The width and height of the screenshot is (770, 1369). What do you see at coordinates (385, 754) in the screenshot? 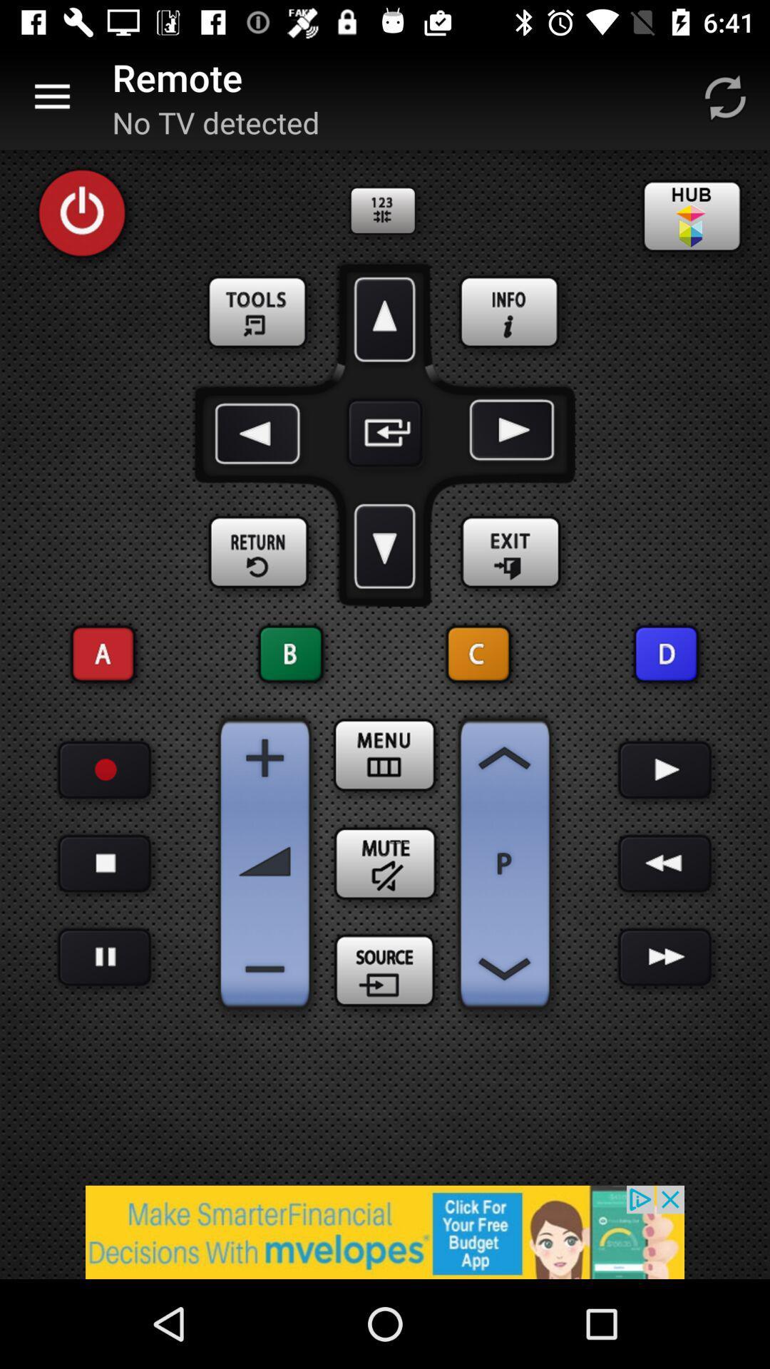
I see `the date_range icon` at bounding box center [385, 754].